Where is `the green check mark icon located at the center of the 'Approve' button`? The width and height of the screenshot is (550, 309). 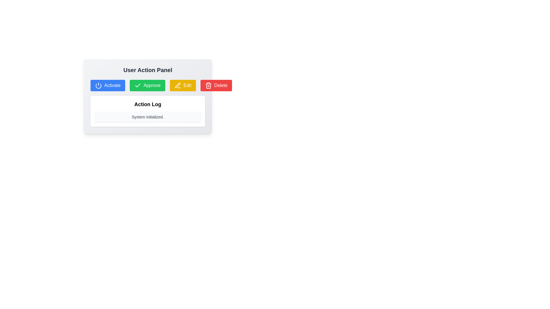 the green check mark icon located at the center of the 'Approve' button is located at coordinates (137, 85).